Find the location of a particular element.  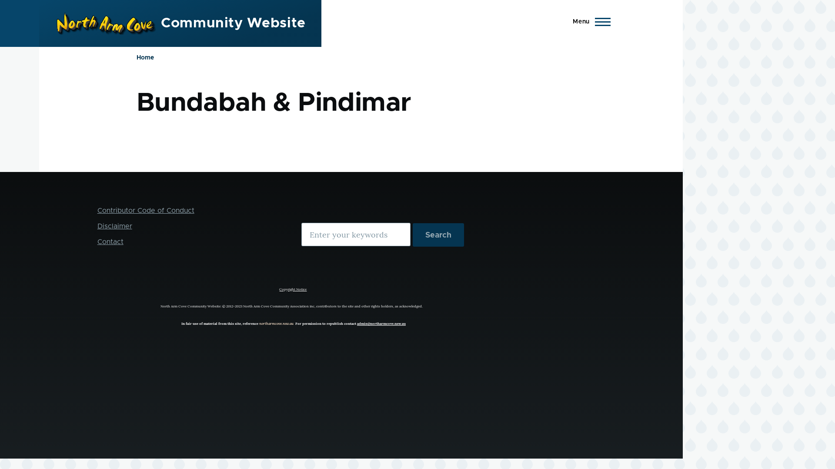

'Contributor Code of Conduct' is located at coordinates (146, 211).